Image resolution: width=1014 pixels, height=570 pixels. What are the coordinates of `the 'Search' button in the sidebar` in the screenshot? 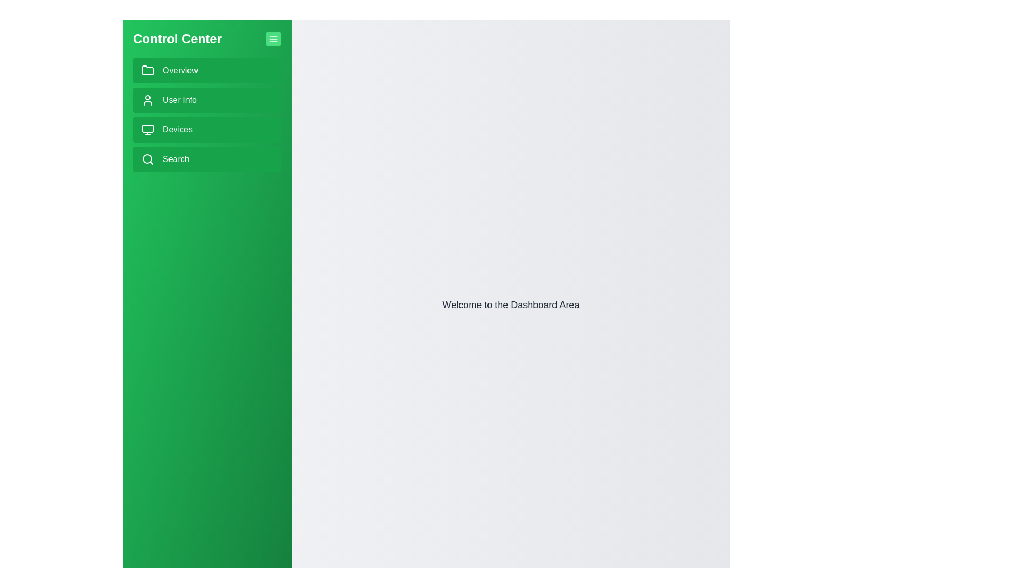 It's located at (207, 159).